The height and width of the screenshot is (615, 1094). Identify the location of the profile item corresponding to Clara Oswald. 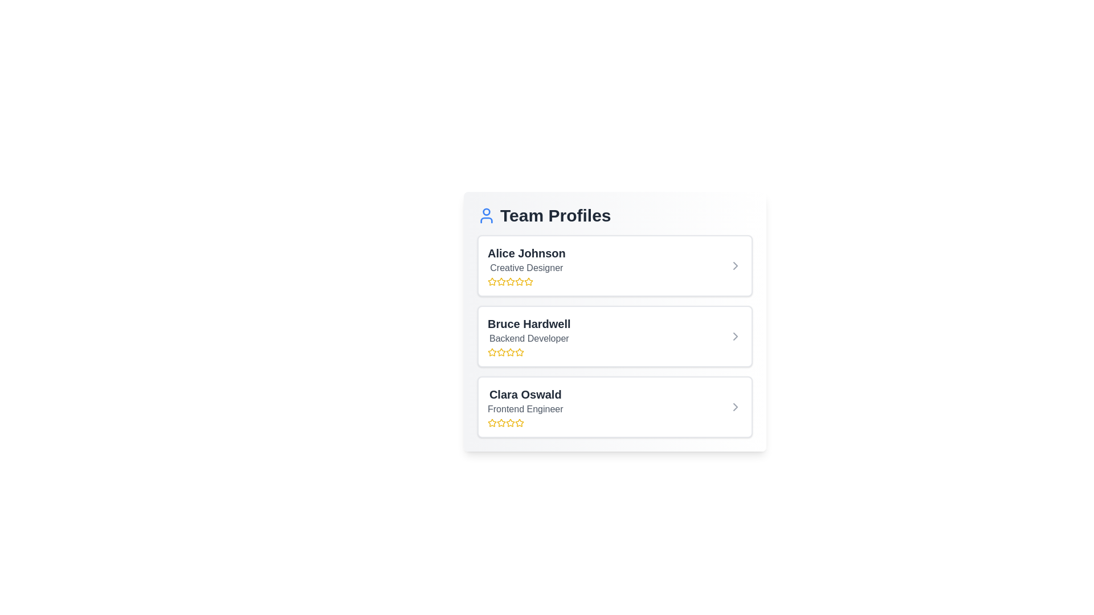
(614, 406).